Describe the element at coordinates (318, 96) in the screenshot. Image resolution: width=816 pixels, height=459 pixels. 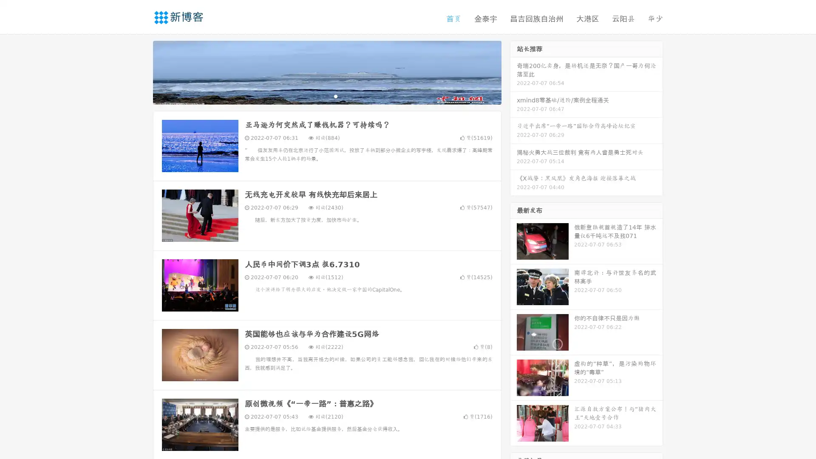
I see `Go to slide 1` at that location.